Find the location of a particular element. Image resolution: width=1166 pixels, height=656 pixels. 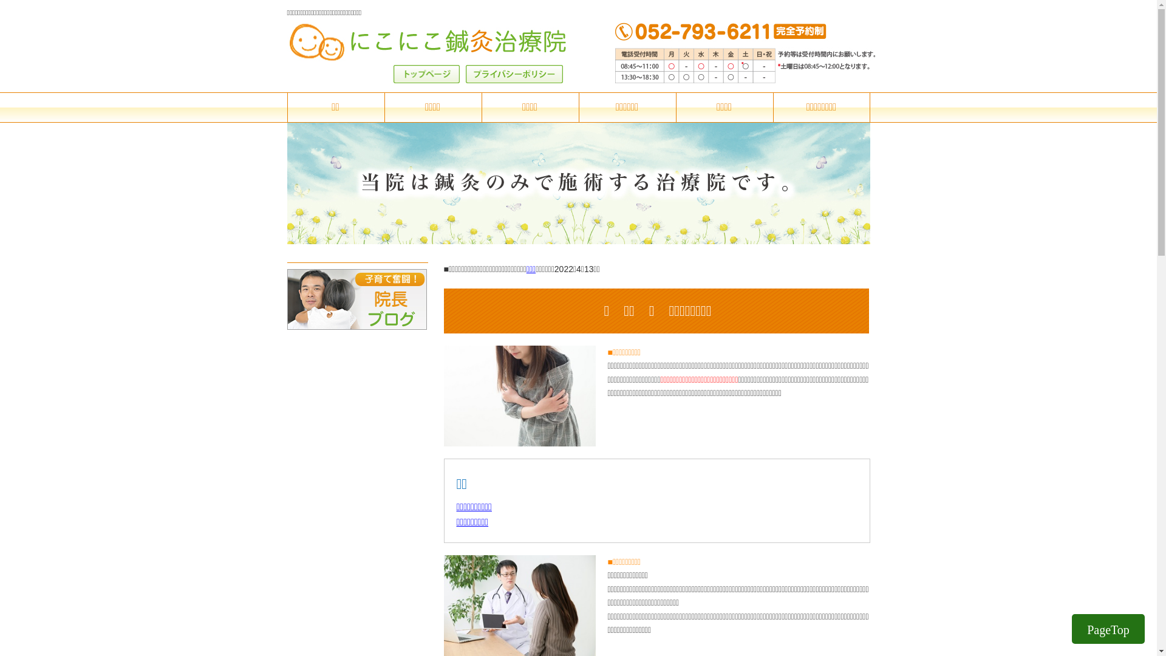

'PageTop' is located at coordinates (1108, 629).